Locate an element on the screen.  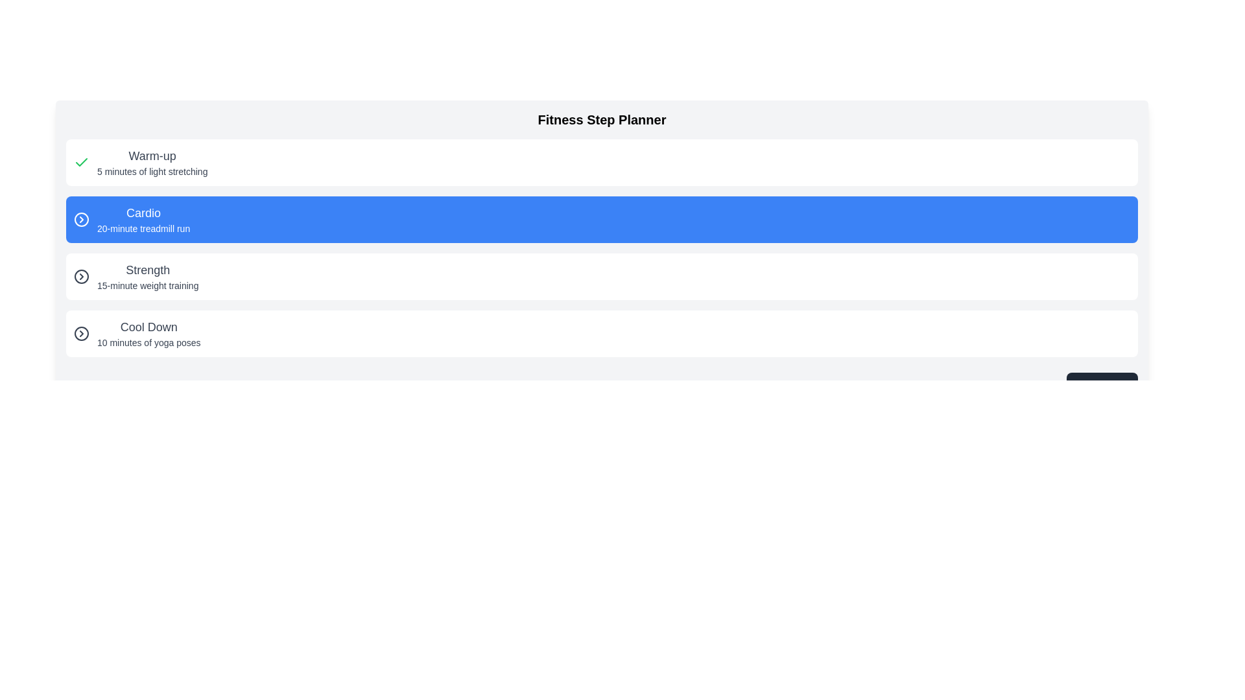
the text in the heading element located above the line reading '10 minutes of yoga poses' in the bottom section of the list interface is located at coordinates (148, 327).